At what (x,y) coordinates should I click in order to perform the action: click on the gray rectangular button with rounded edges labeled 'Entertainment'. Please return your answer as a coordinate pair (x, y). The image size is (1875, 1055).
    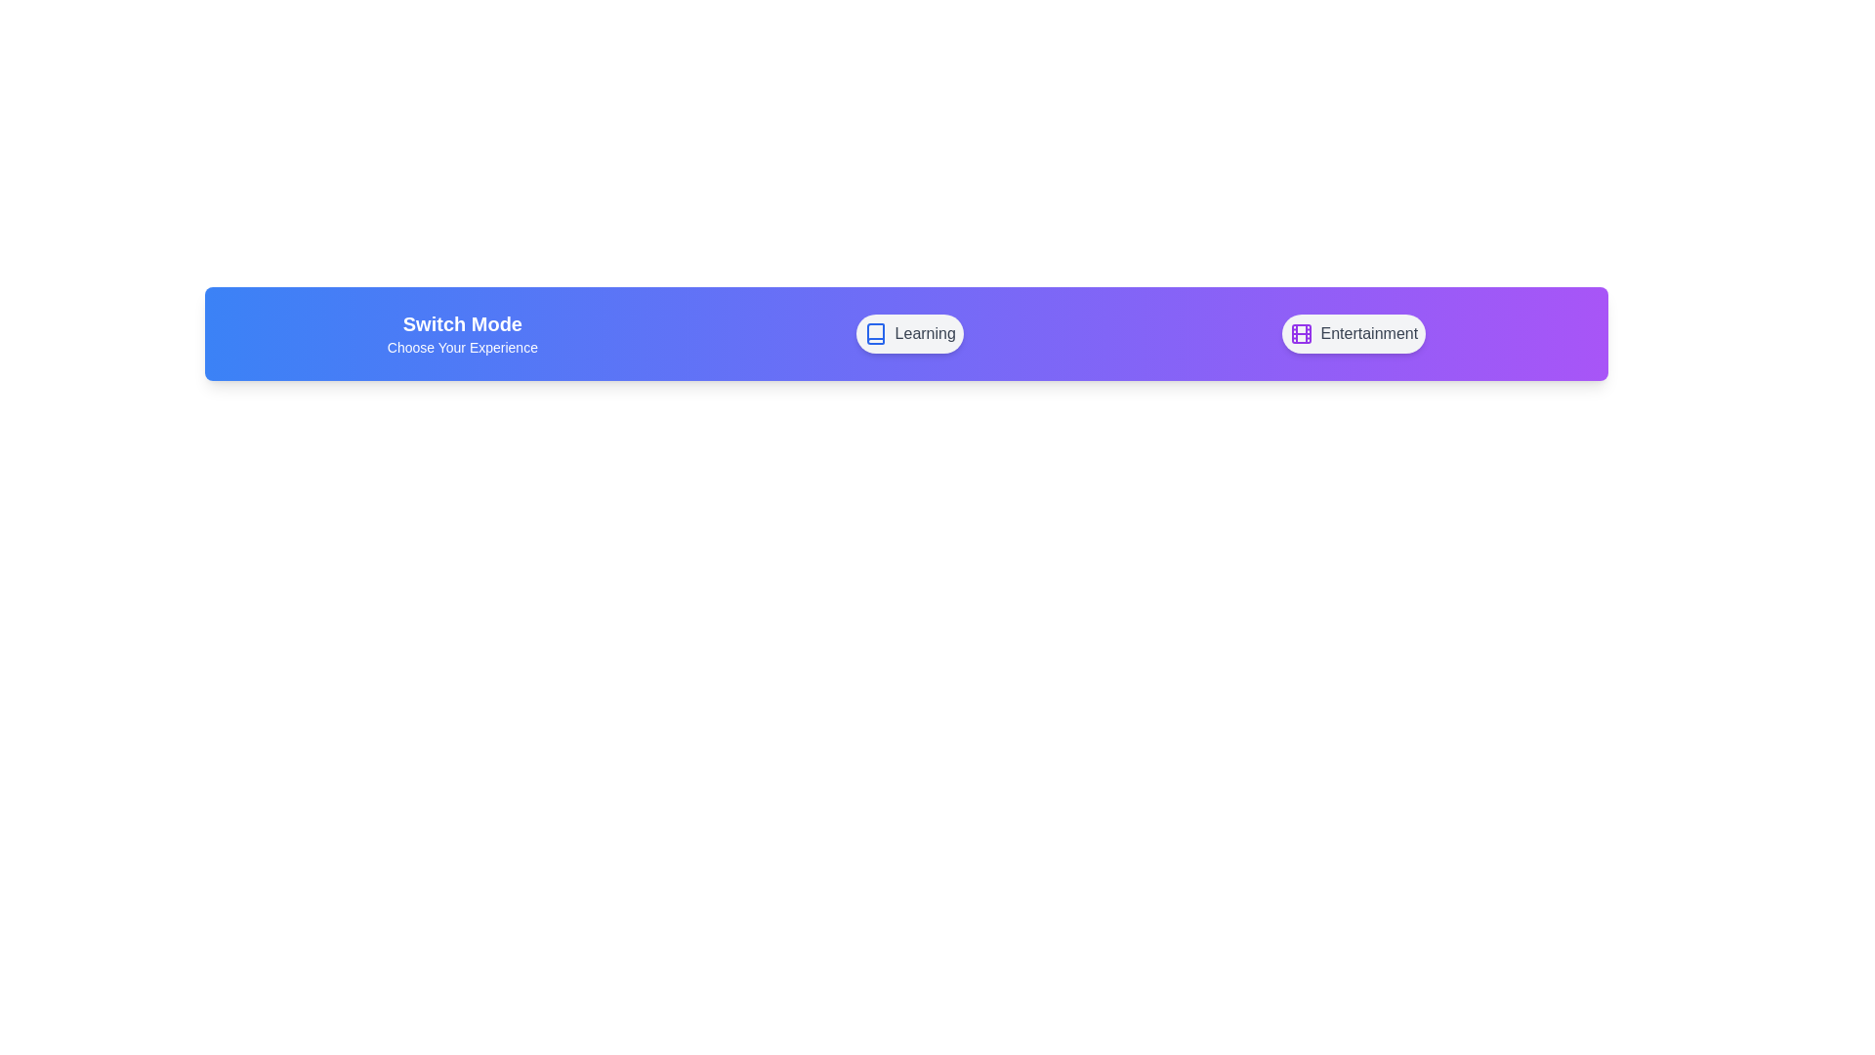
    Looking at the image, I should click on (1353, 333).